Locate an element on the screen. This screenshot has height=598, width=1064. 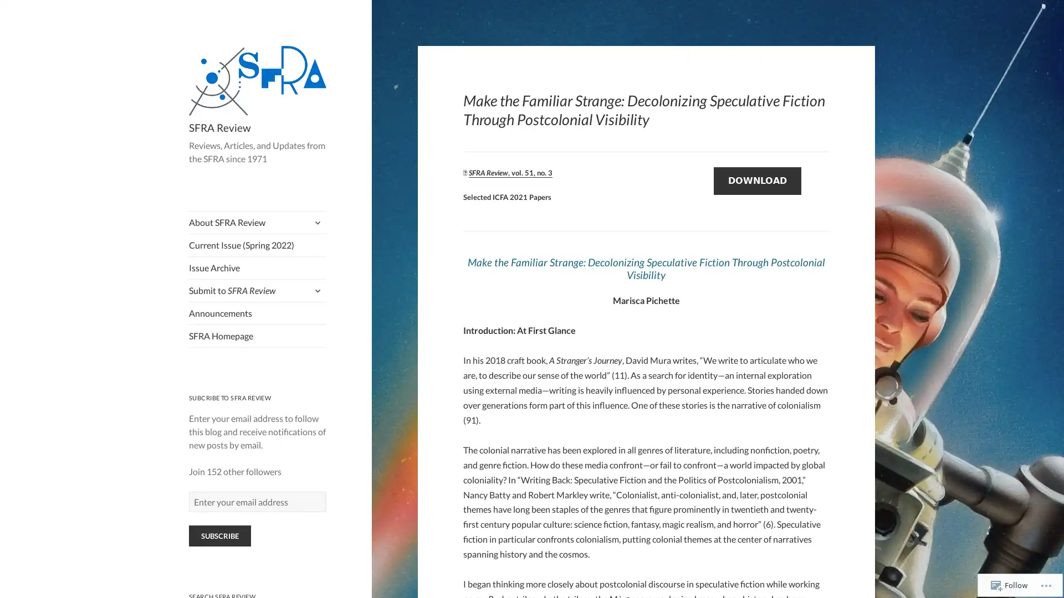
expand child menu is located at coordinates (316, 222).